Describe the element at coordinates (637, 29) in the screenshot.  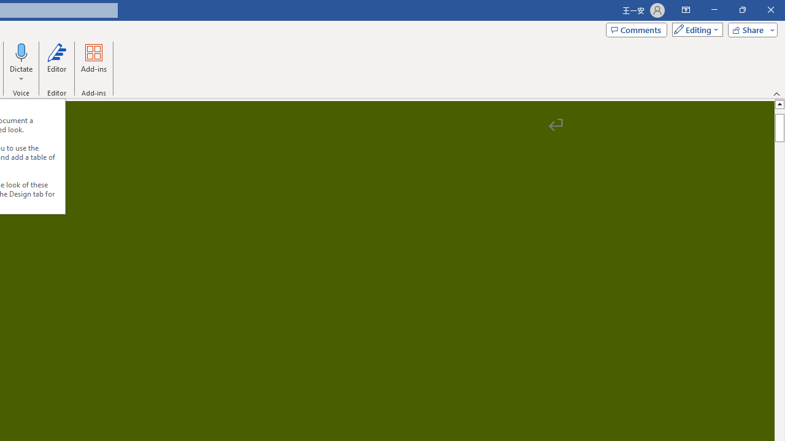
I see `'Comments'` at that location.